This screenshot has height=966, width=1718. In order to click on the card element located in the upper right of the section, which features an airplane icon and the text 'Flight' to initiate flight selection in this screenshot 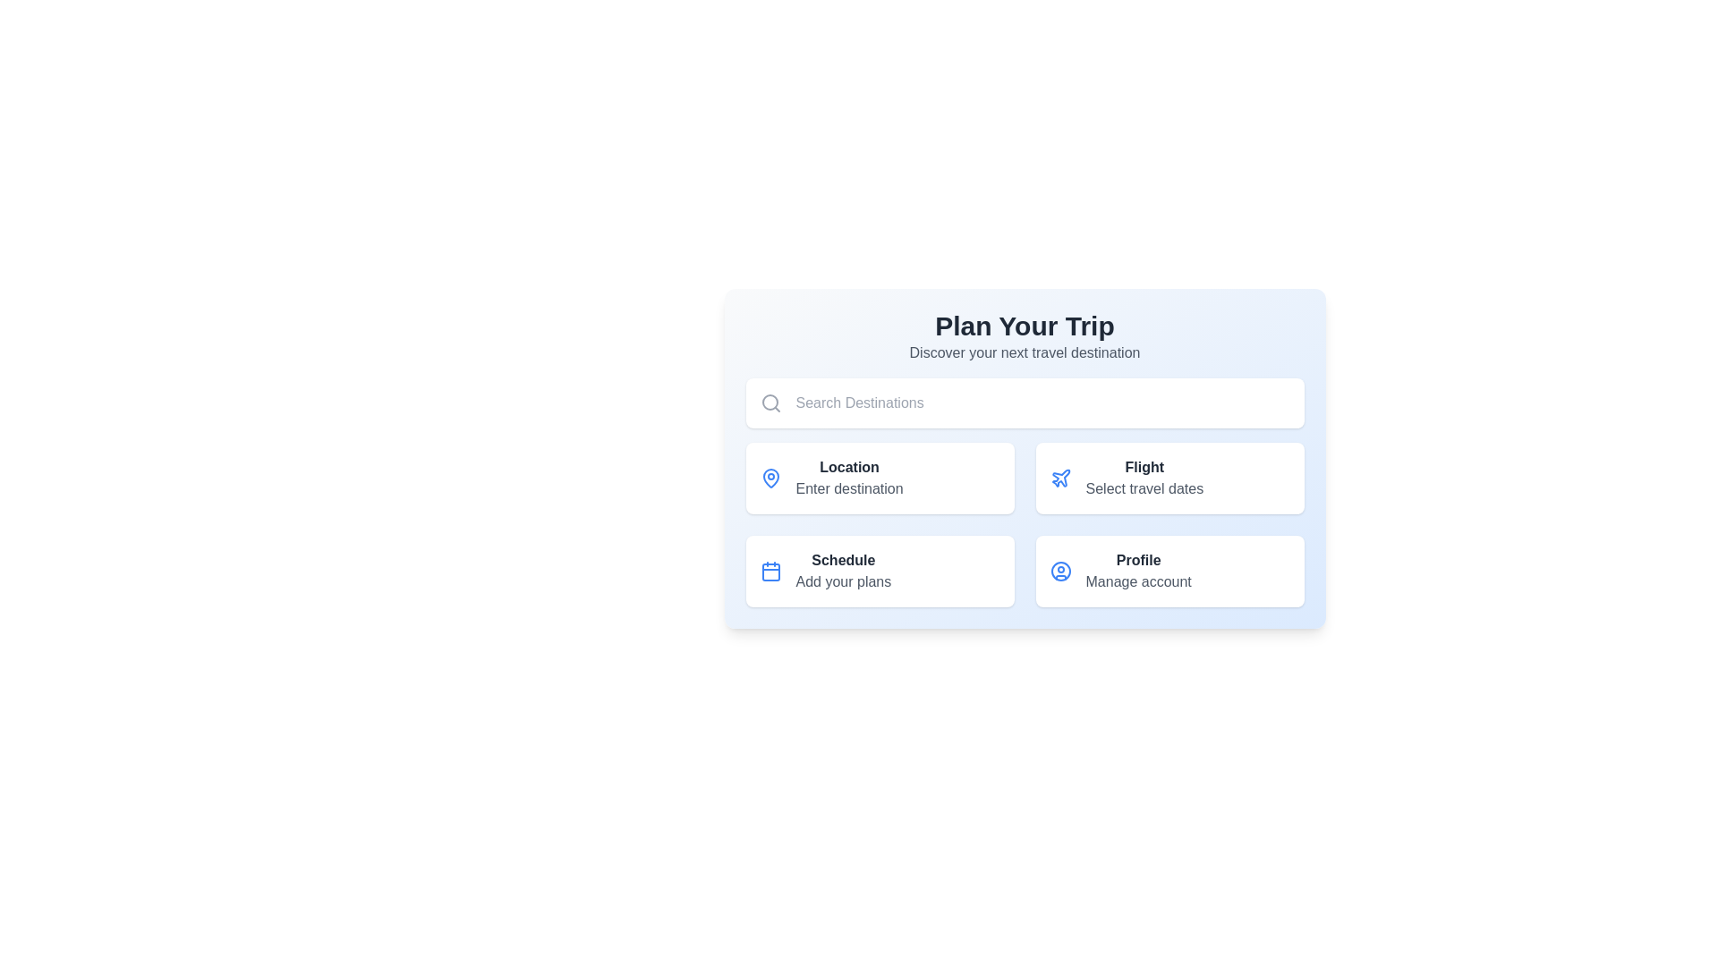, I will do `click(1169, 478)`.